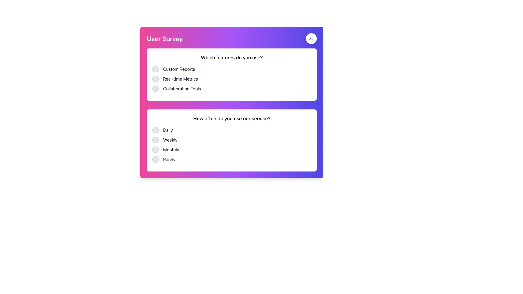  I want to click on the 'Monthly' radio button option, which is the third option in a vertical group under the question 'How often do you use our service?', so click(232, 150).